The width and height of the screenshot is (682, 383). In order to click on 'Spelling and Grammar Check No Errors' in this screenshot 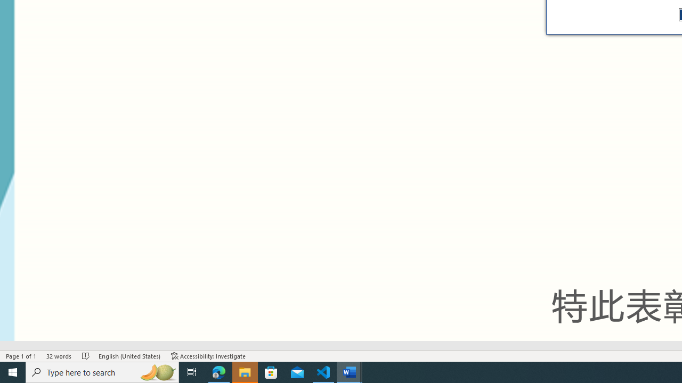, I will do `click(86, 356)`.